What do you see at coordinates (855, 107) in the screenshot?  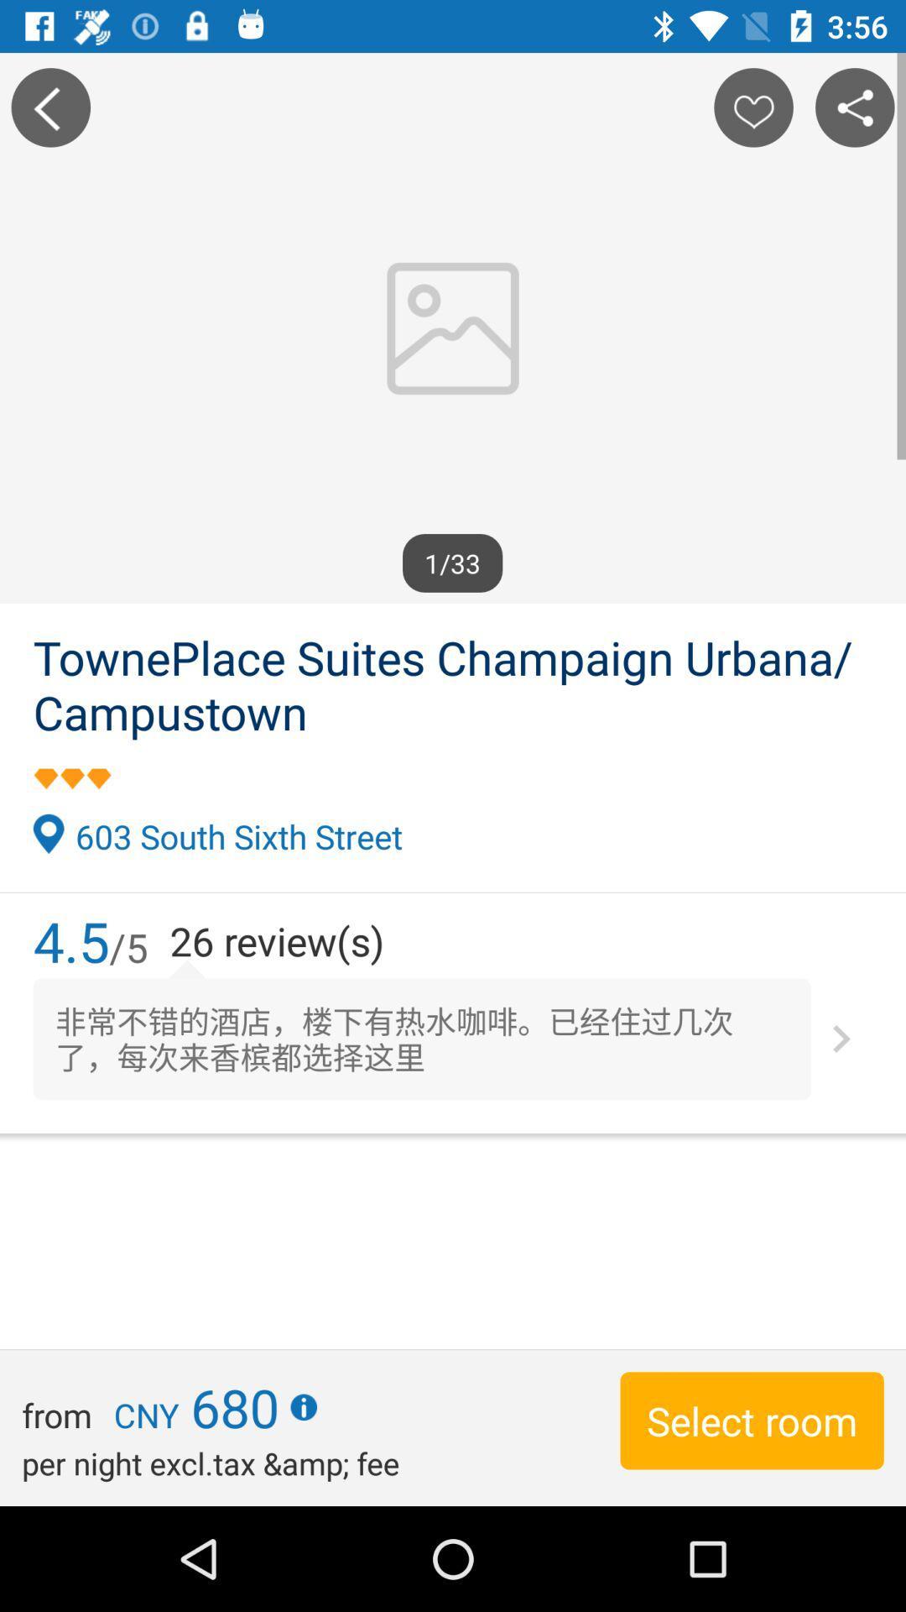 I see `share the article` at bounding box center [855, 107].